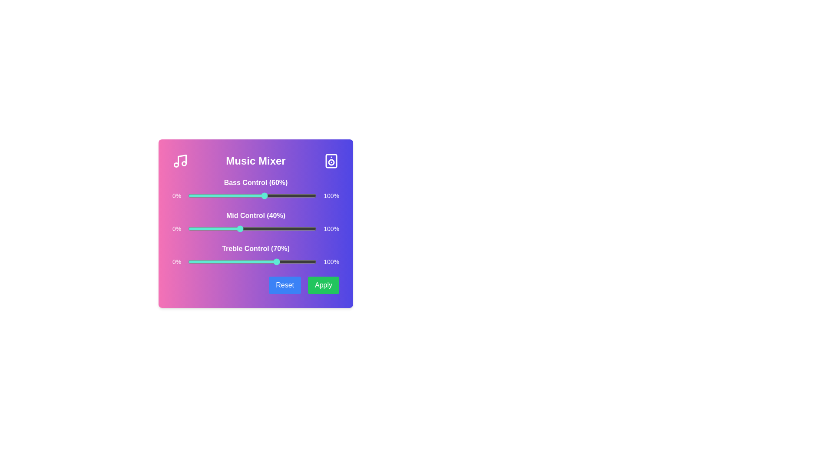  What do you see at coordinates (265, 228) in the screenshot?
I see `the mid control slider to 60%` at bounding box center [265, 228].